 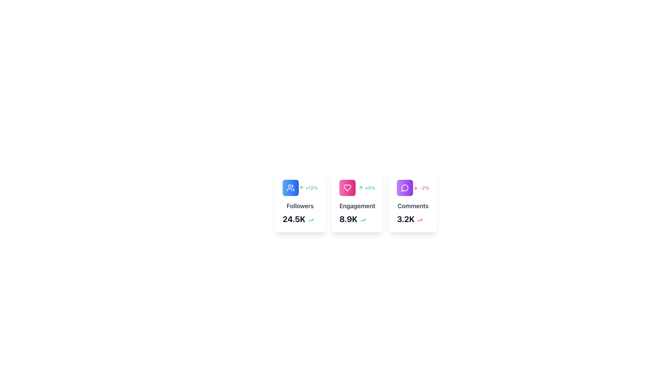 I want to click on the circular speech bubble icon with a purple gradient background located in the 'Comments' panel, adjacent to the 'Followers' and 'Engagement' panels, for accessibility purposes, so click(x=405, y=188).